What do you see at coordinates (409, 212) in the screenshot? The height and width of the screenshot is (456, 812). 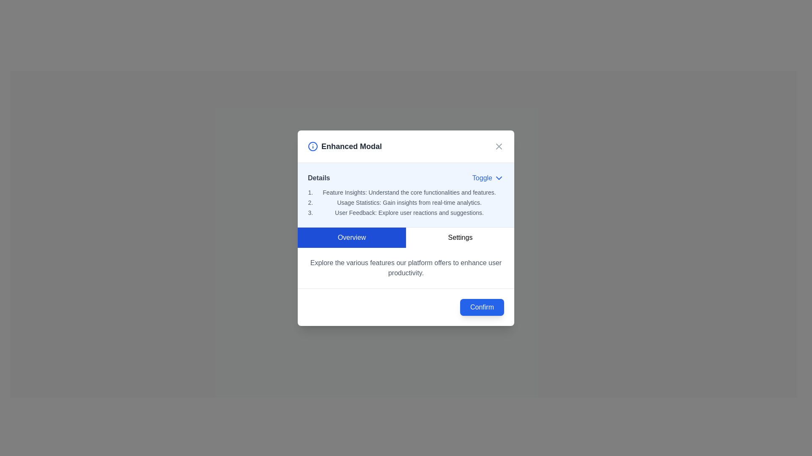 I see `the text element that reads 'User Feedback: Explore user reactions and suggestions.' which is the third item in a vertical list within the modal dialog under the header 'Details'` at bounding box center [409, 212].